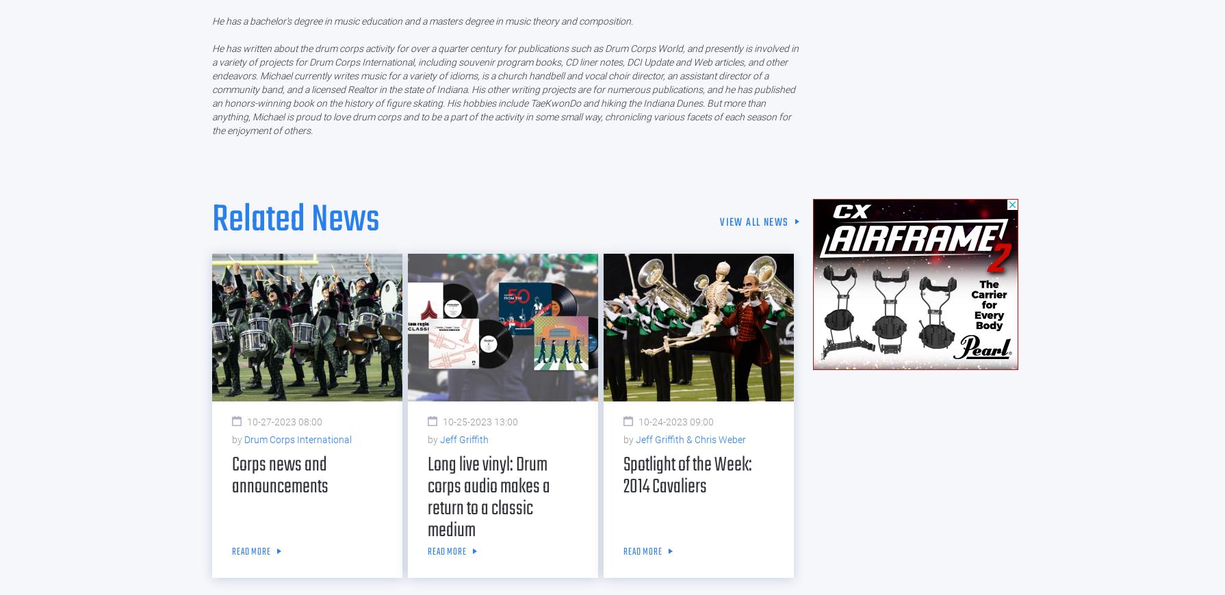 This screenshot has height=595, width=1225. Describe the element at coordinates (422, 20) in the screenshot. I see `'He has a bachelor's degree in music education and a masters degree in music theory and composition.'` at that location.